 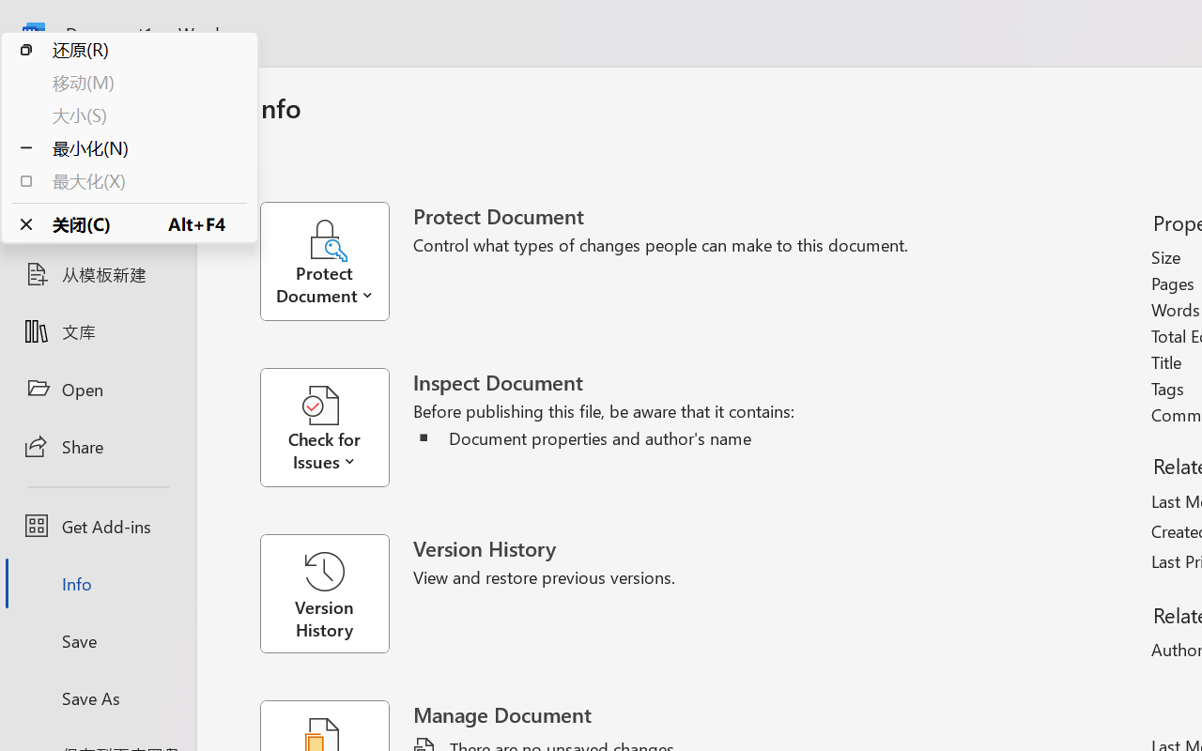 What do you see at coordinates (336, 426) in the screenshot?
I see `'Check for Issues'` at bounding box center [336, 426].